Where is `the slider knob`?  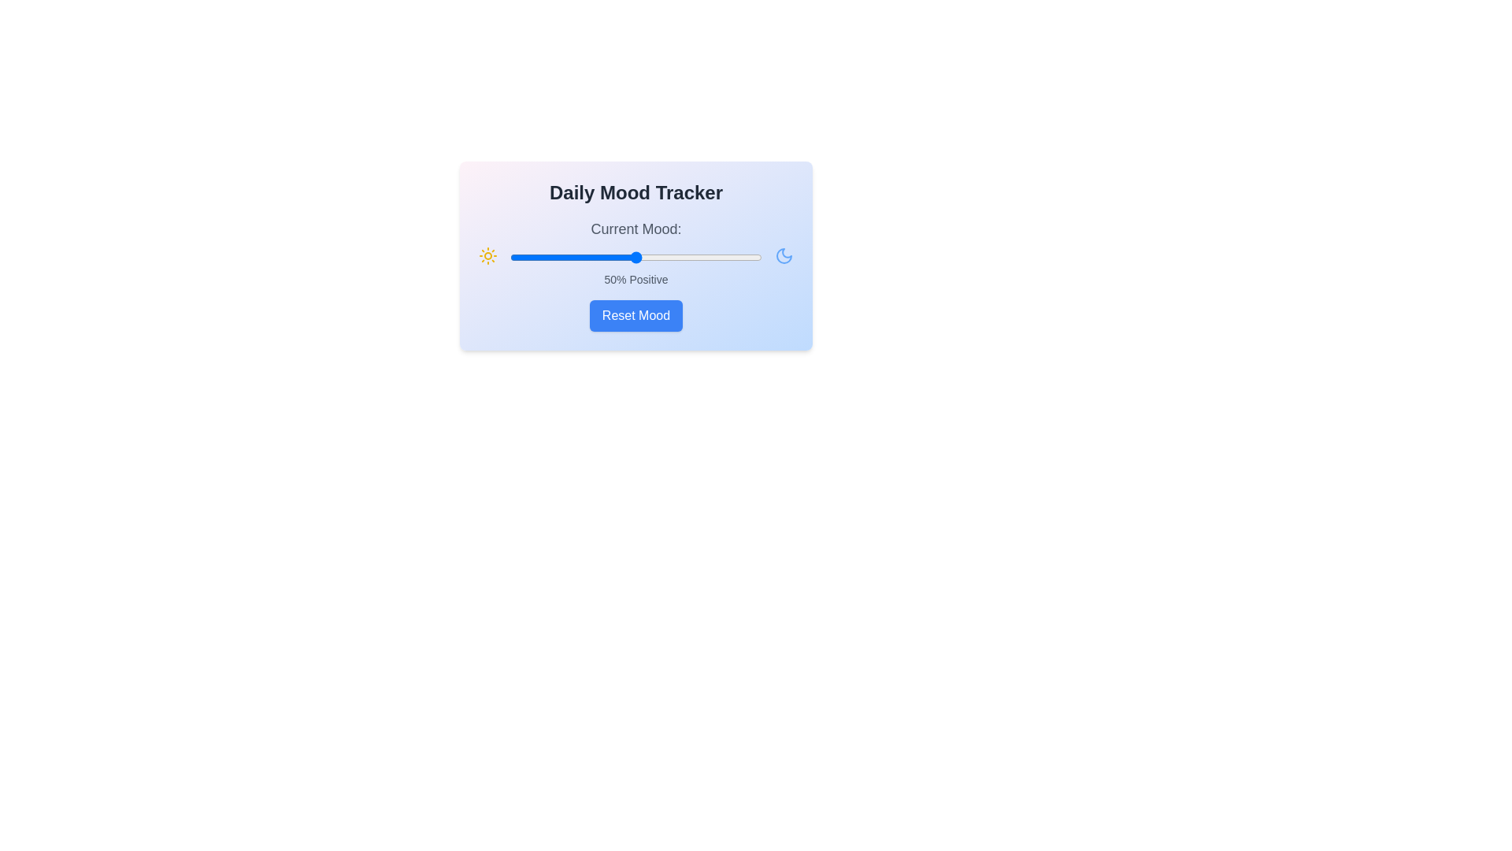
the slider knob is located at coordinates (636, 257).